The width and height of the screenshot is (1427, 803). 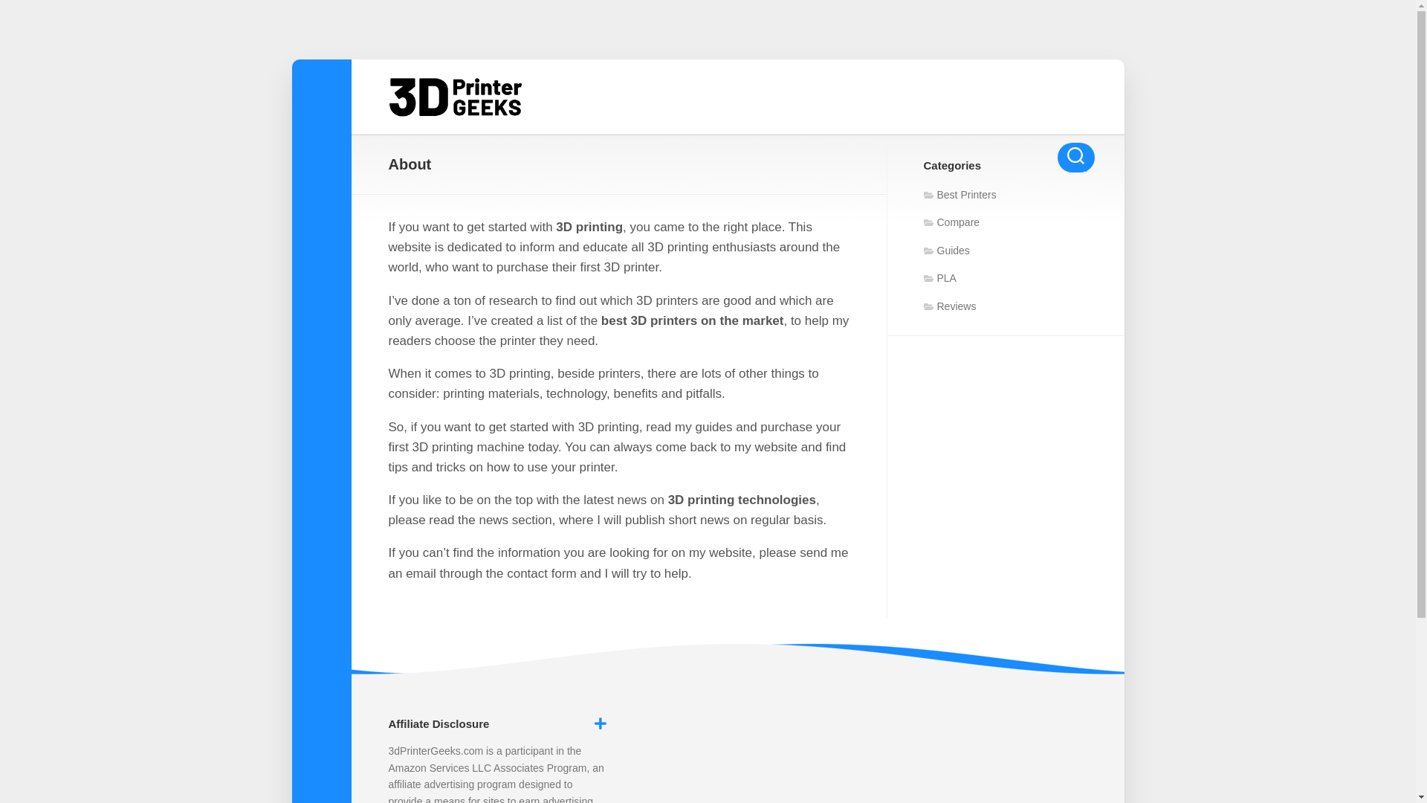 What do you see at coordinates (951, 222) in the screenshot?
I see `'Compare'` at bounding box center [951, 222].